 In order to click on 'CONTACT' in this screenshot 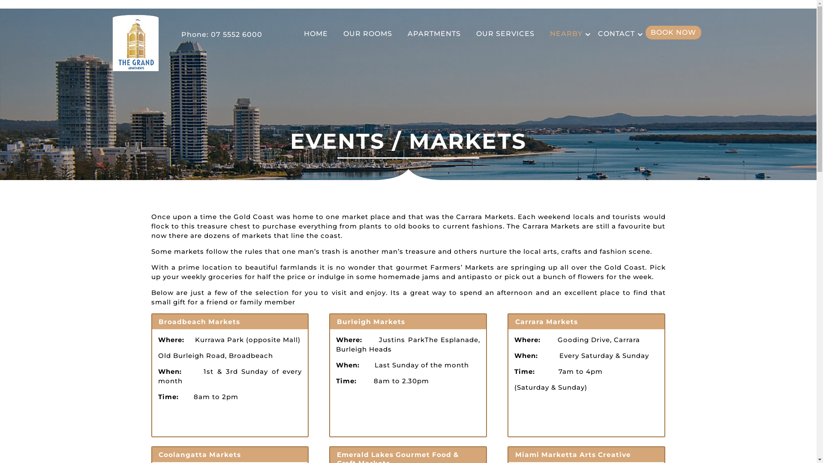, I will do `click(589, 33)`.